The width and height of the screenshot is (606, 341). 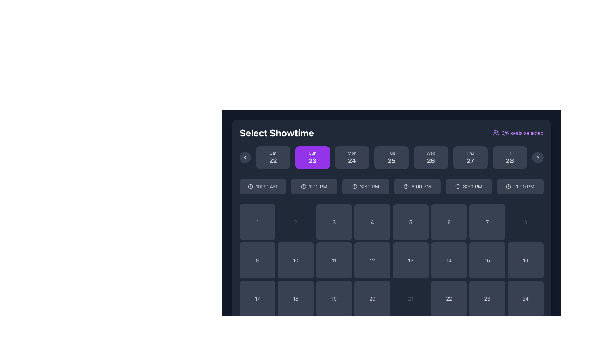 What do you see at coordinates (391, 157) in the screenshot?
I see `the interactive button labeled 'Tue 25', which is the fourth button in the series under 'Select Showtime'` at bounding box center [391, 157].